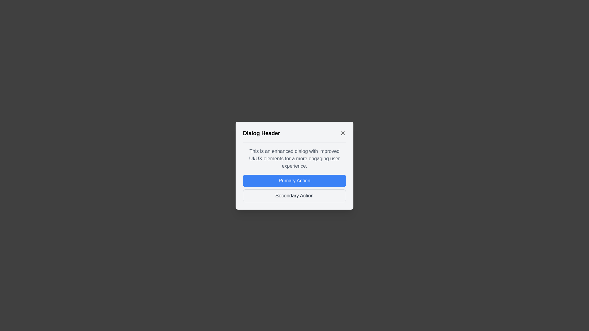  I want to click on the 'Primary Action' button to perform the primary action, so click(294, 180).